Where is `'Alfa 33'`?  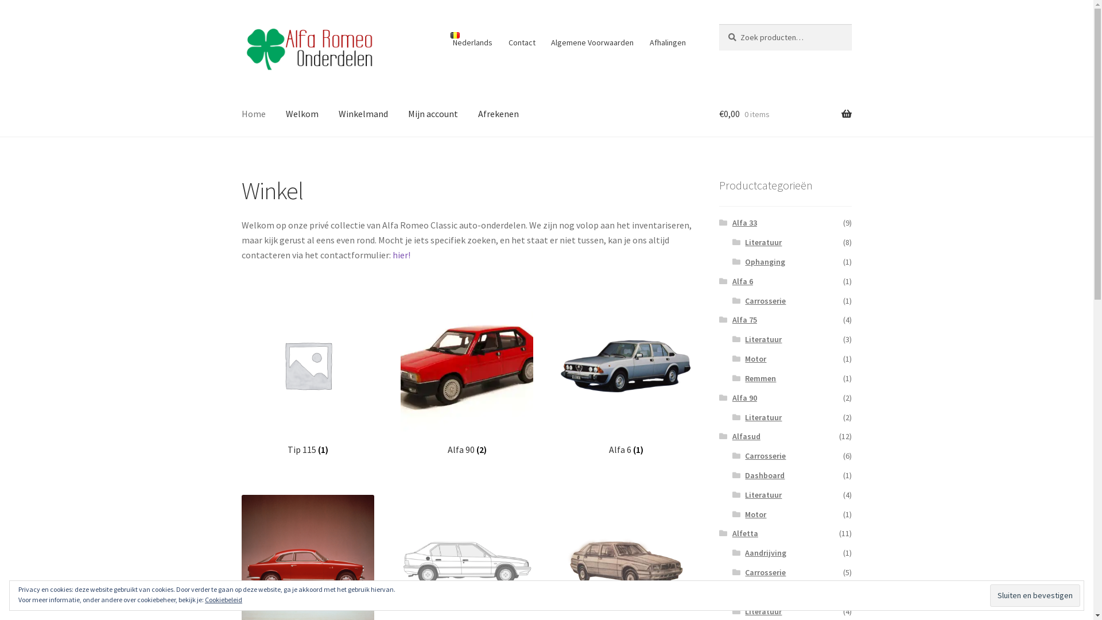 'Alfa 33' is located at coordinates (744, 223).